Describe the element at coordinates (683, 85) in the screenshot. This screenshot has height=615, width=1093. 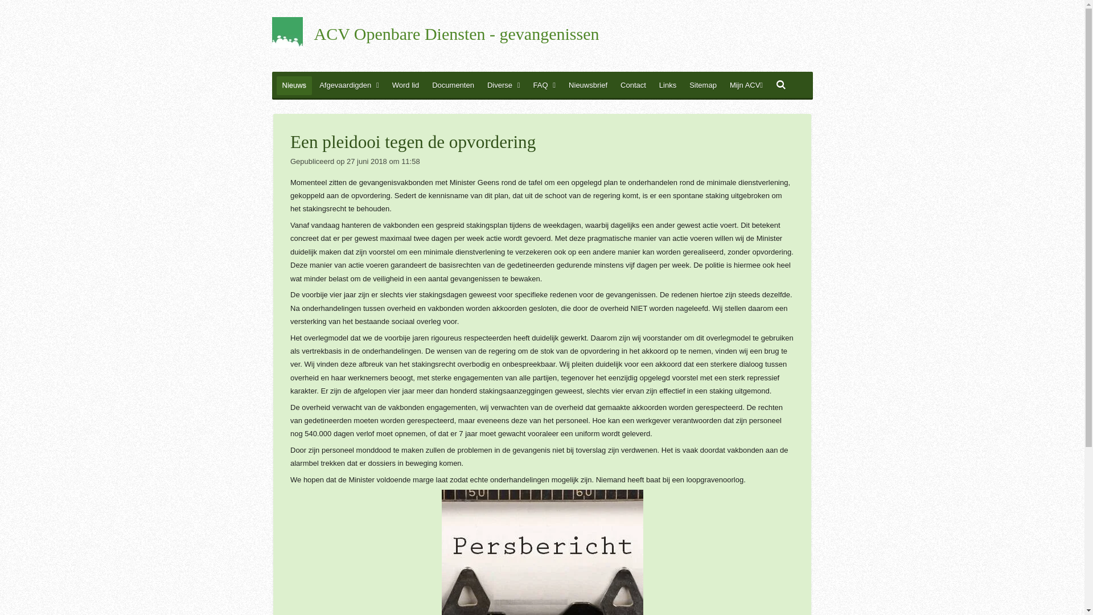
I see `'Sitemap'` at that location.